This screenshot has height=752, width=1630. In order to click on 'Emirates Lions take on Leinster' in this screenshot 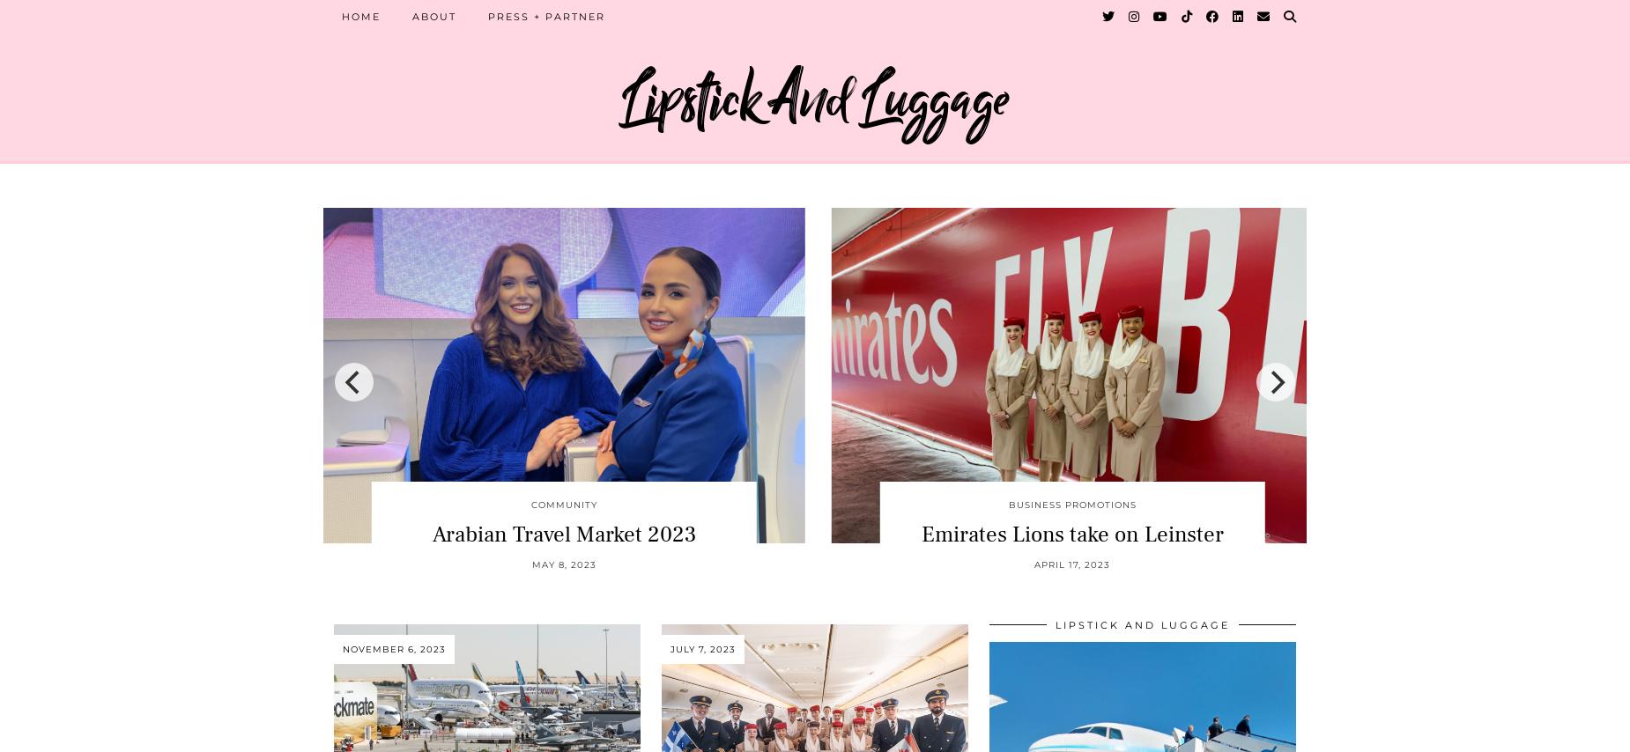, I will do `click(1071, 533)`.